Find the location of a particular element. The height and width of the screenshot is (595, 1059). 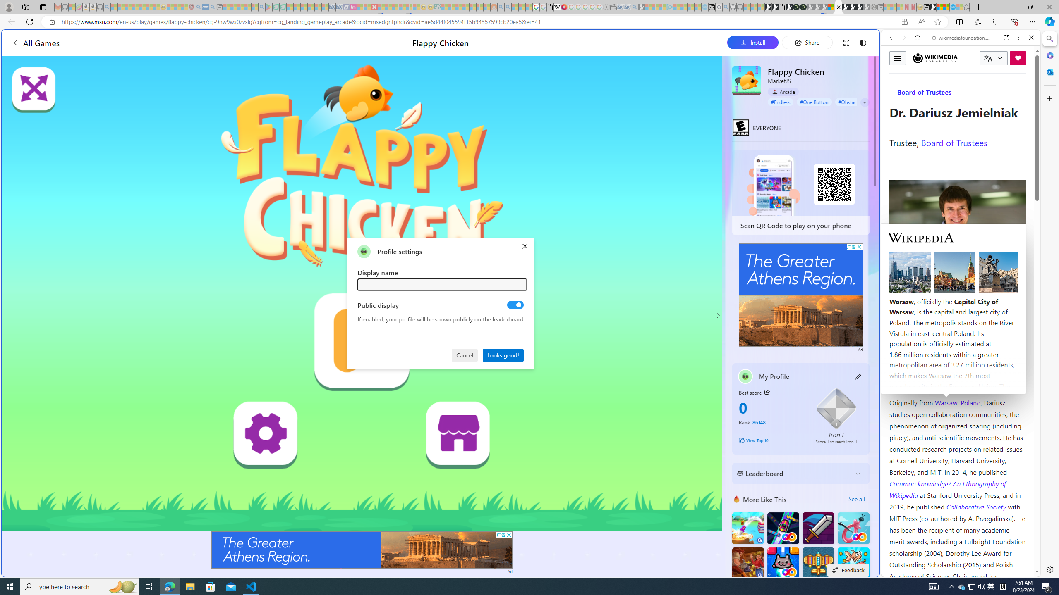

'Install' is located at coordinates (752, 42).